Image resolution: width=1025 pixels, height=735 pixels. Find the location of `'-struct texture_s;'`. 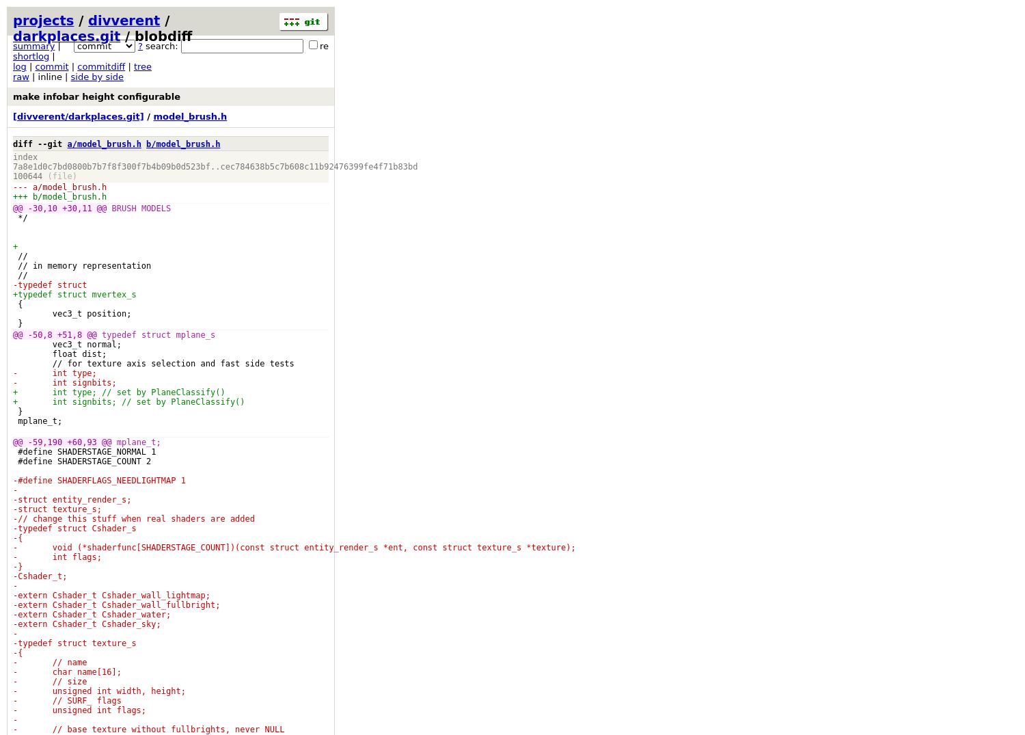

'-struct texture_s;' is located at coordinates (57, 509).